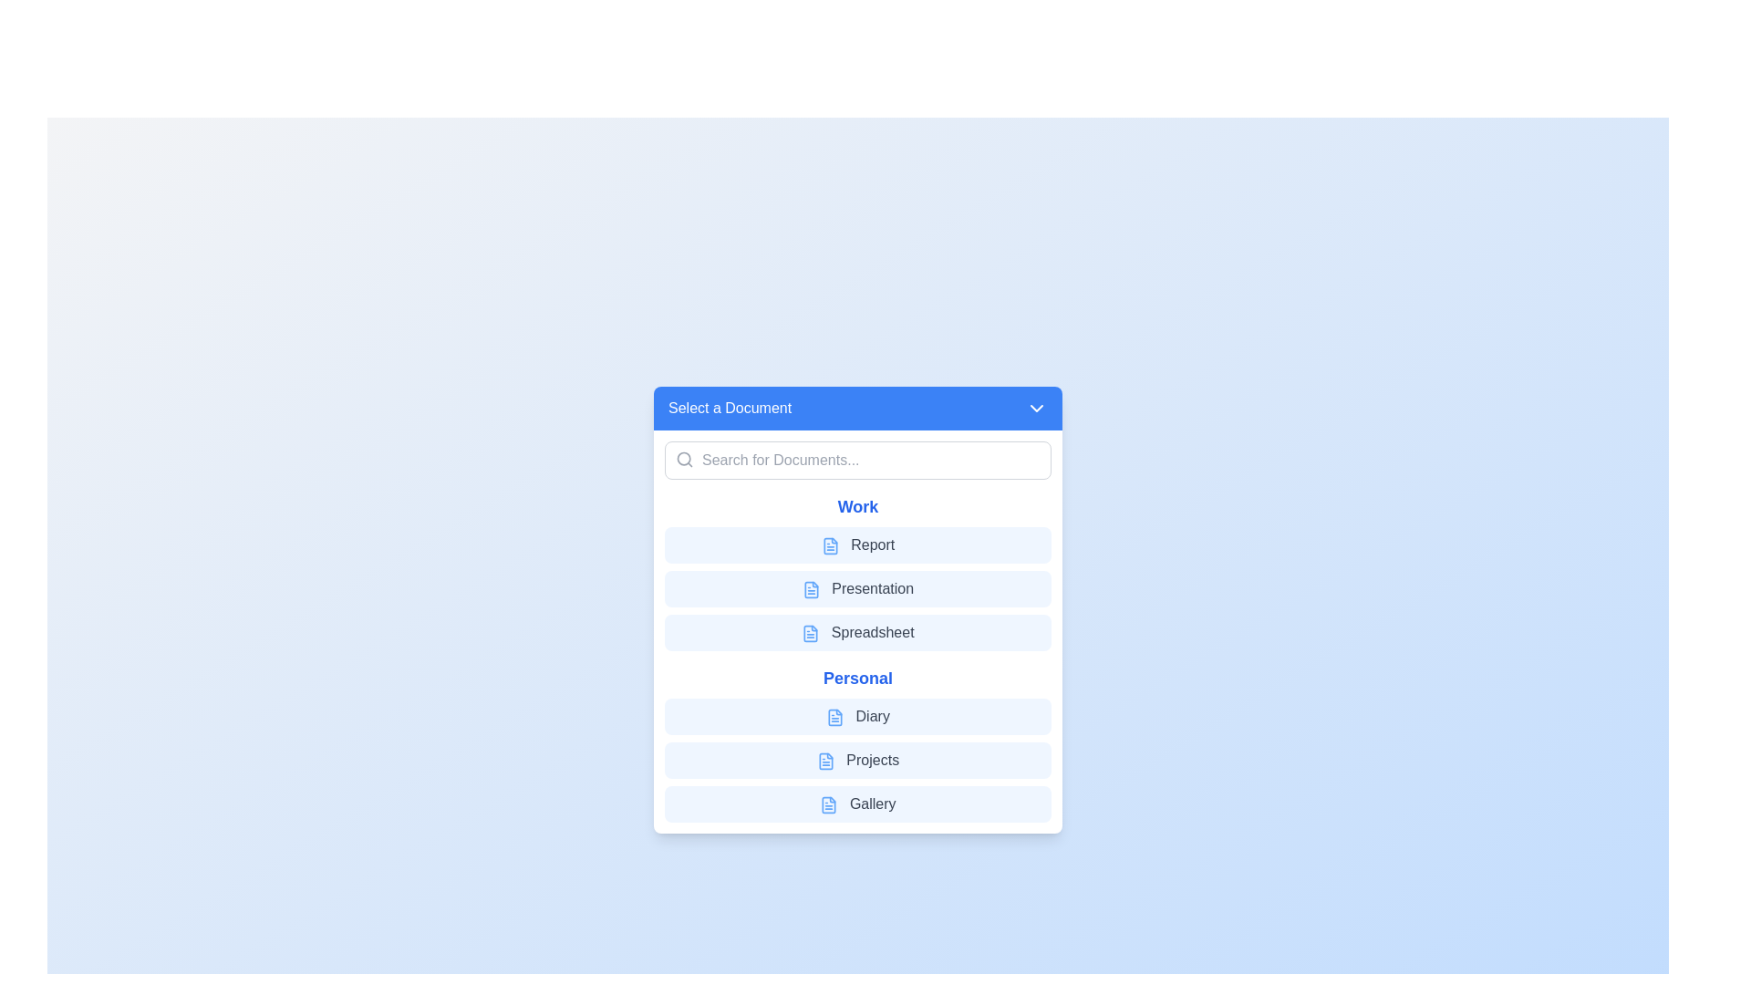  Describe the element at coordinates (810, 632) in the screenshot. I see `document file icon that has a blue outline and is associated with the 'Spreadsheet' label under the 'Work' section` at that location.